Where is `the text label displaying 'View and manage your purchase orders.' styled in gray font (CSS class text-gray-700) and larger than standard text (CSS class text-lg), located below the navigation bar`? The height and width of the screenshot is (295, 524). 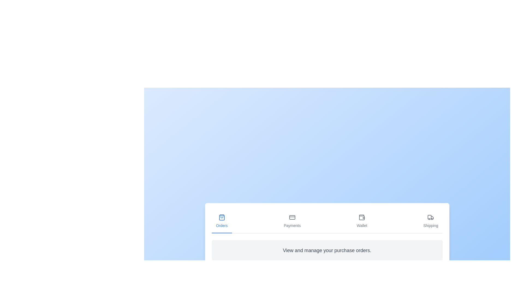
the text label displaying 'View and manage your purchase orders.' styled in gray font (CSS class text-gray-700) and larger than standard text (CSS class text-lg), located below the navigation bar is located at coordinates (327, 250).